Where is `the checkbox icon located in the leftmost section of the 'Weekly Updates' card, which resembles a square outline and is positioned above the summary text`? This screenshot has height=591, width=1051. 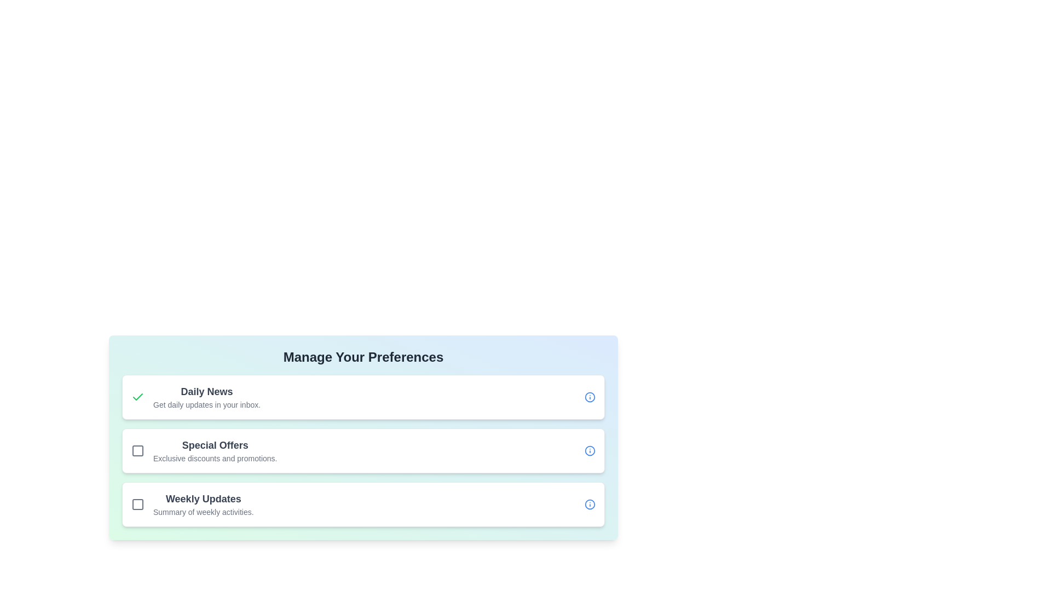
the checkbox icon located in the leftmost section of the 'Weekly Updates' card, which resembles a square outline and is positioned above the summary text is located at coordinates (137, 504).